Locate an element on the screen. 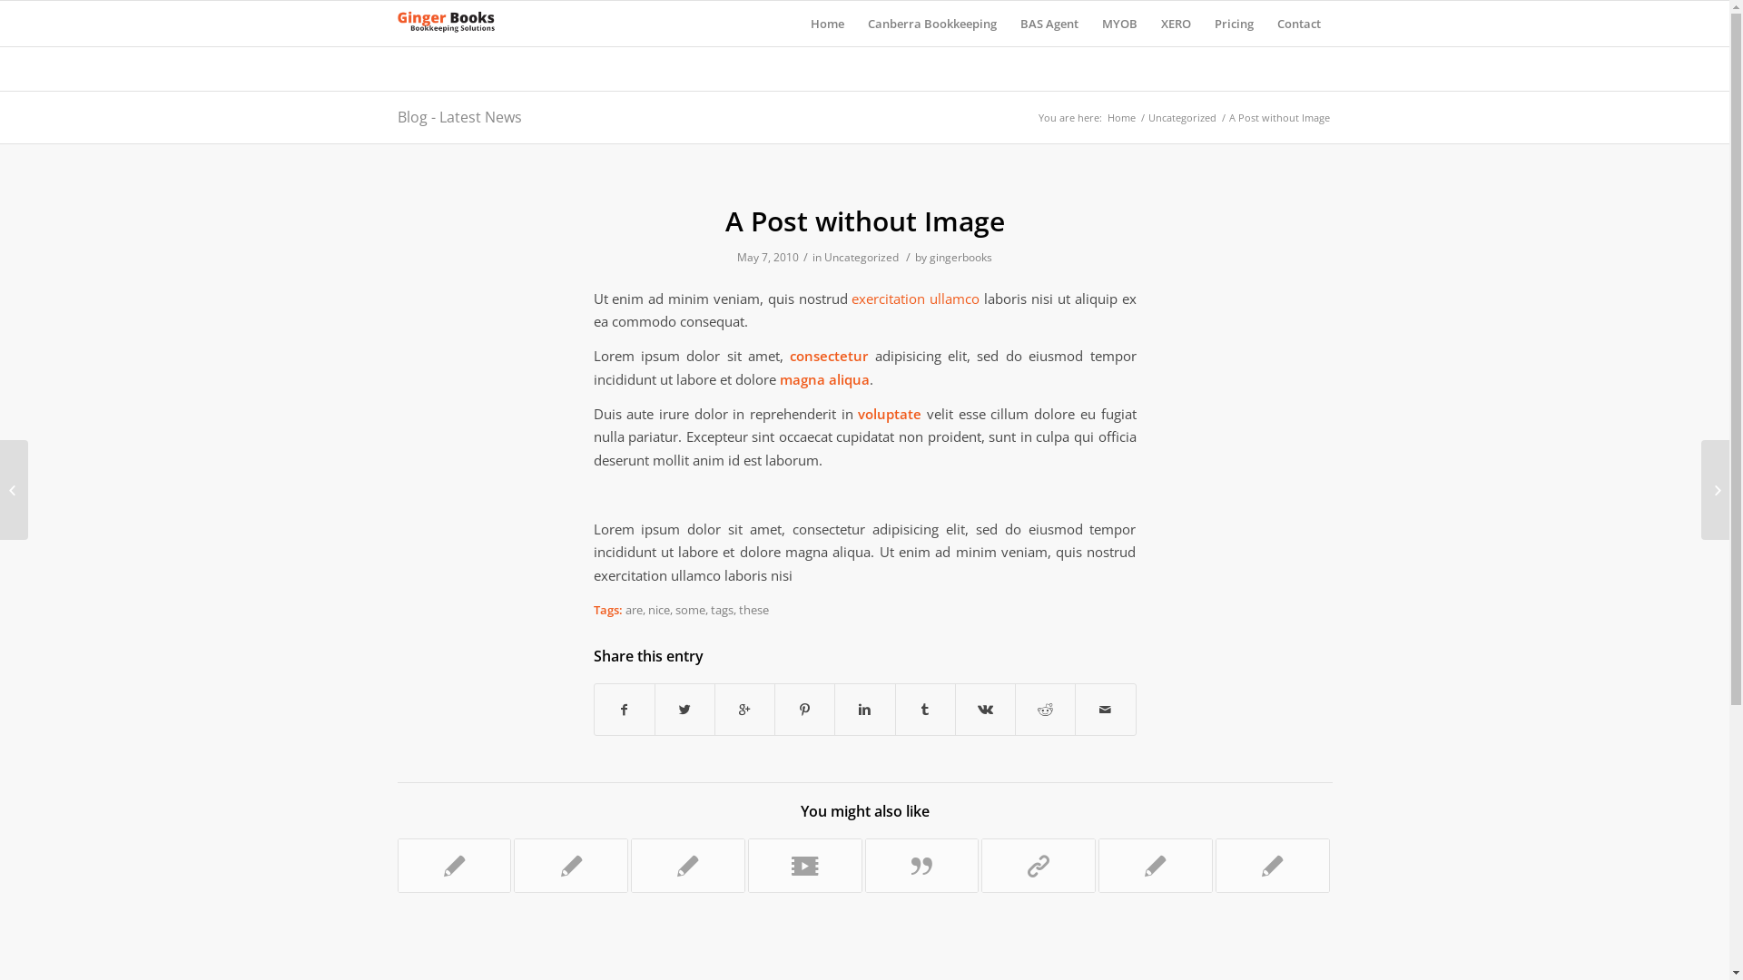  'gingerbooks' is located at coordinates (929, 257).